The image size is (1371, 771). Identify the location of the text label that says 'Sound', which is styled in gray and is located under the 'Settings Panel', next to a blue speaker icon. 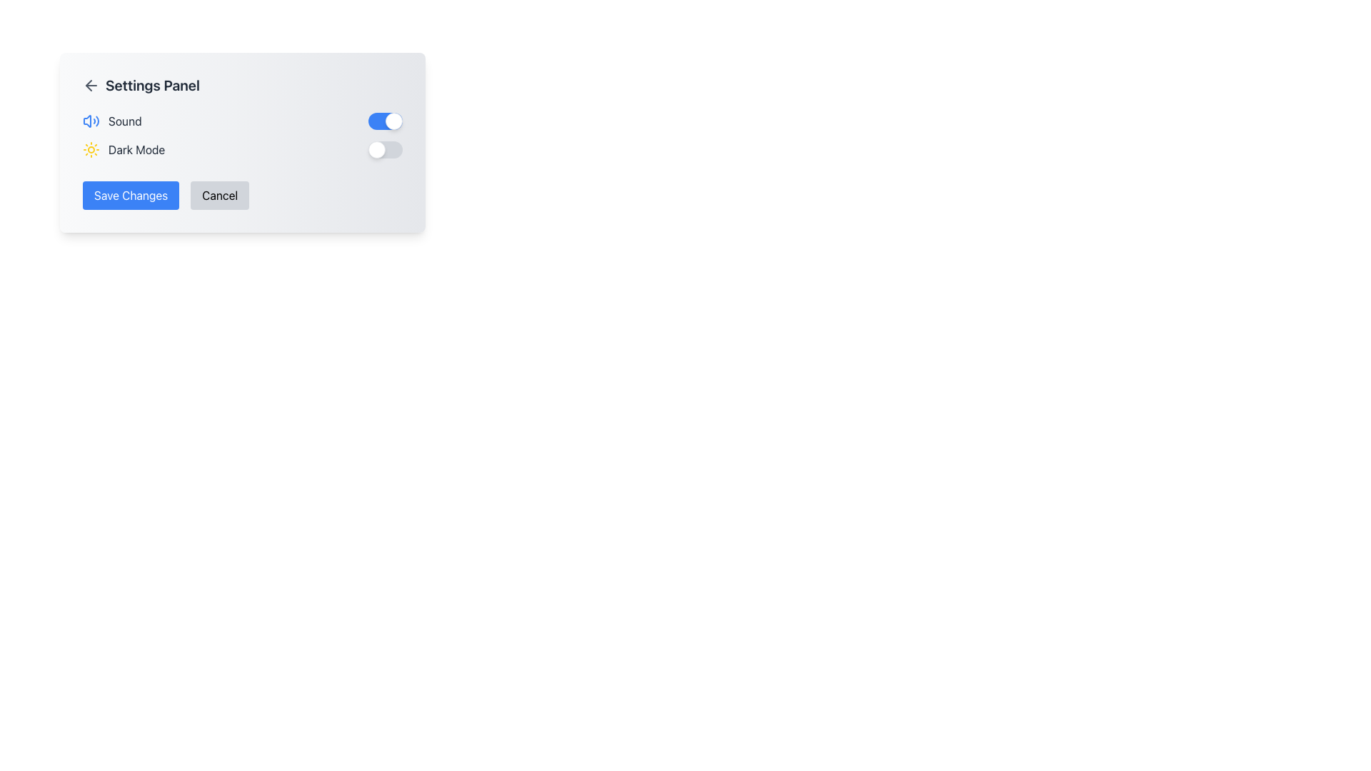
(111, 120).